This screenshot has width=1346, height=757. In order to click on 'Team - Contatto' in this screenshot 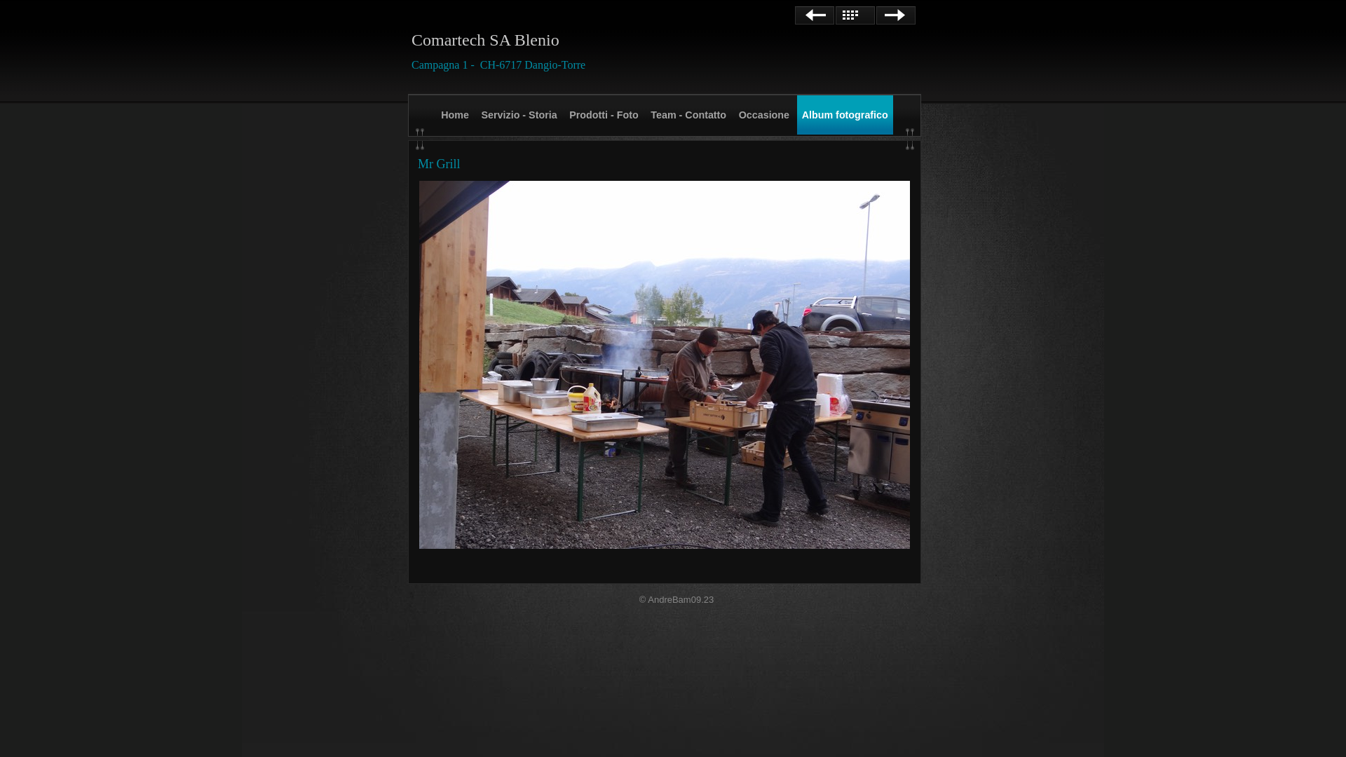, I will do `click(688, 114)`.